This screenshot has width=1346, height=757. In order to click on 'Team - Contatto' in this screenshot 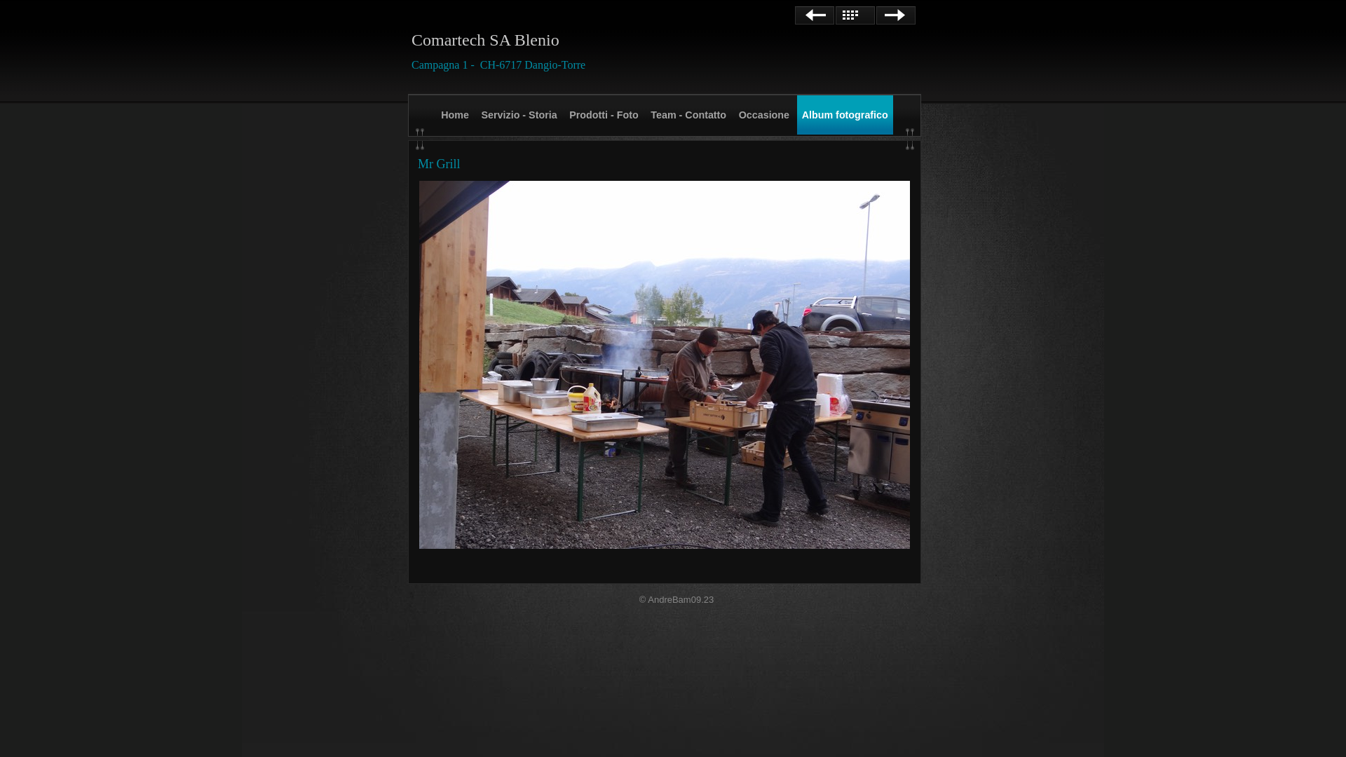, I will do `click(688, 114)`.